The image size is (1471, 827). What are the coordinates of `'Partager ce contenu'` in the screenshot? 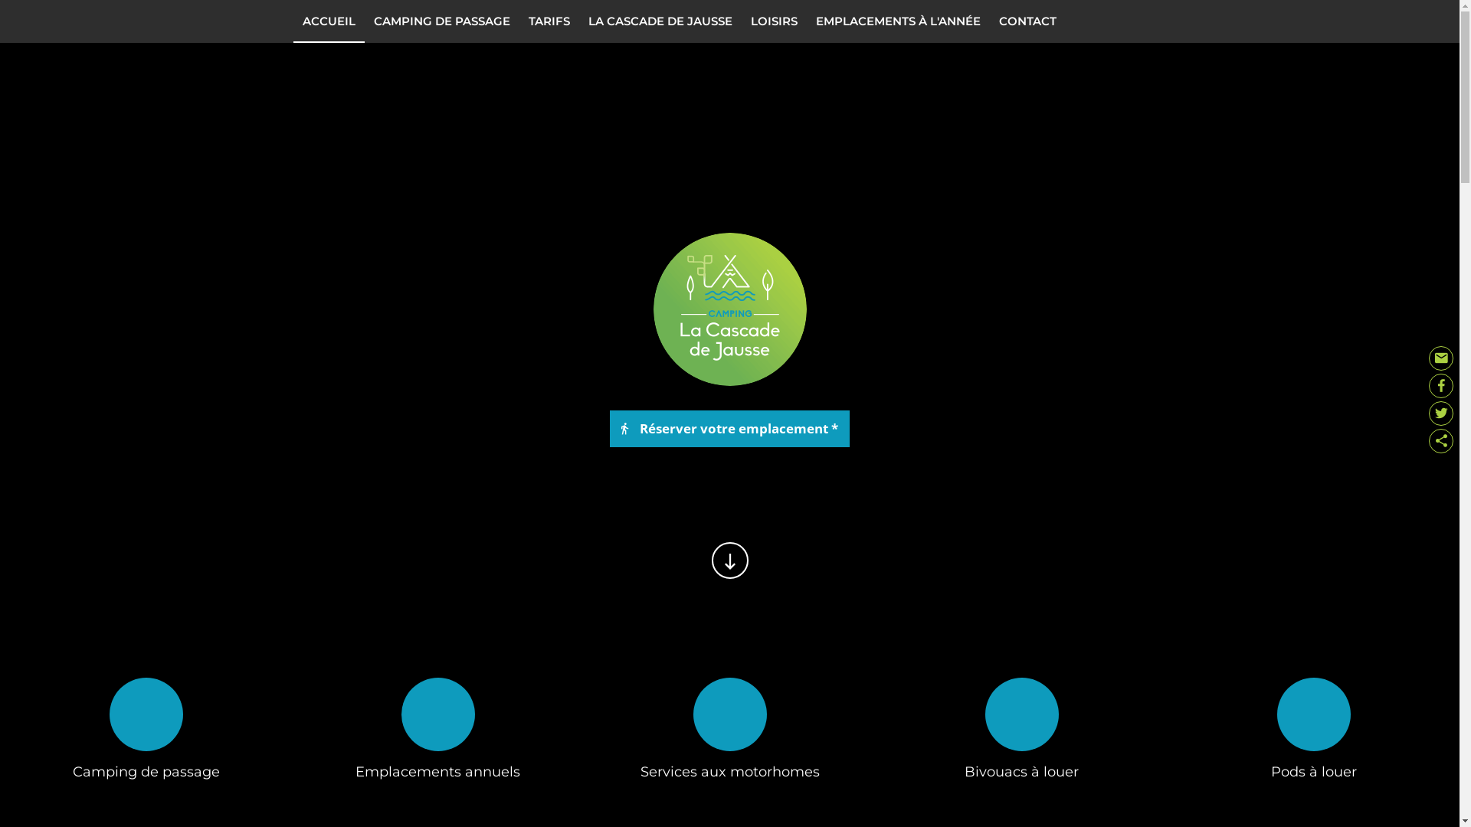 It's located at (1440, 440).